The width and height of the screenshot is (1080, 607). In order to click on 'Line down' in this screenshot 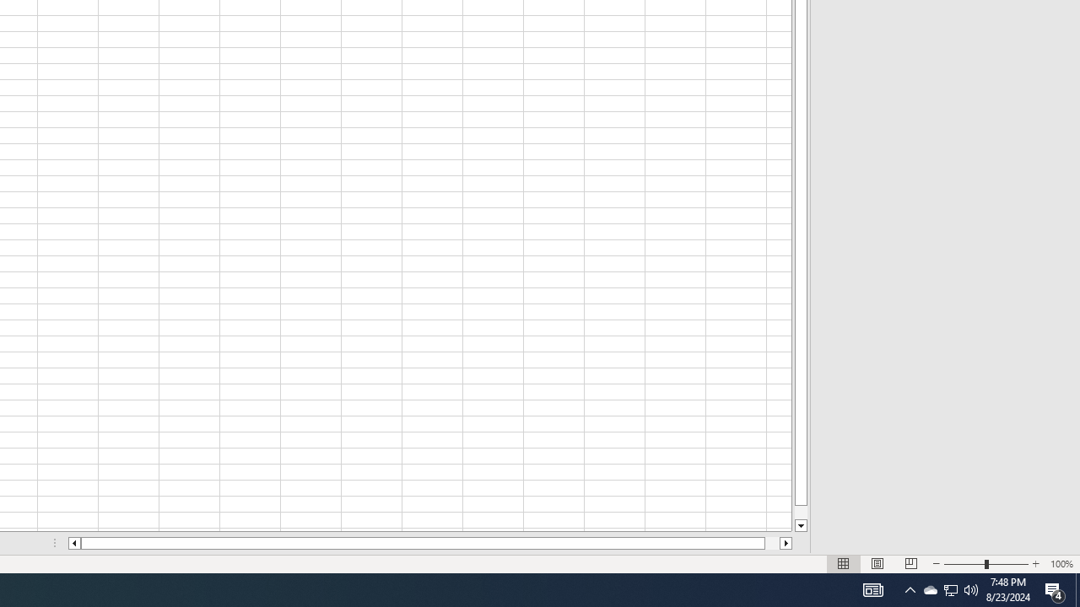, I will do `click(800, 525)`.